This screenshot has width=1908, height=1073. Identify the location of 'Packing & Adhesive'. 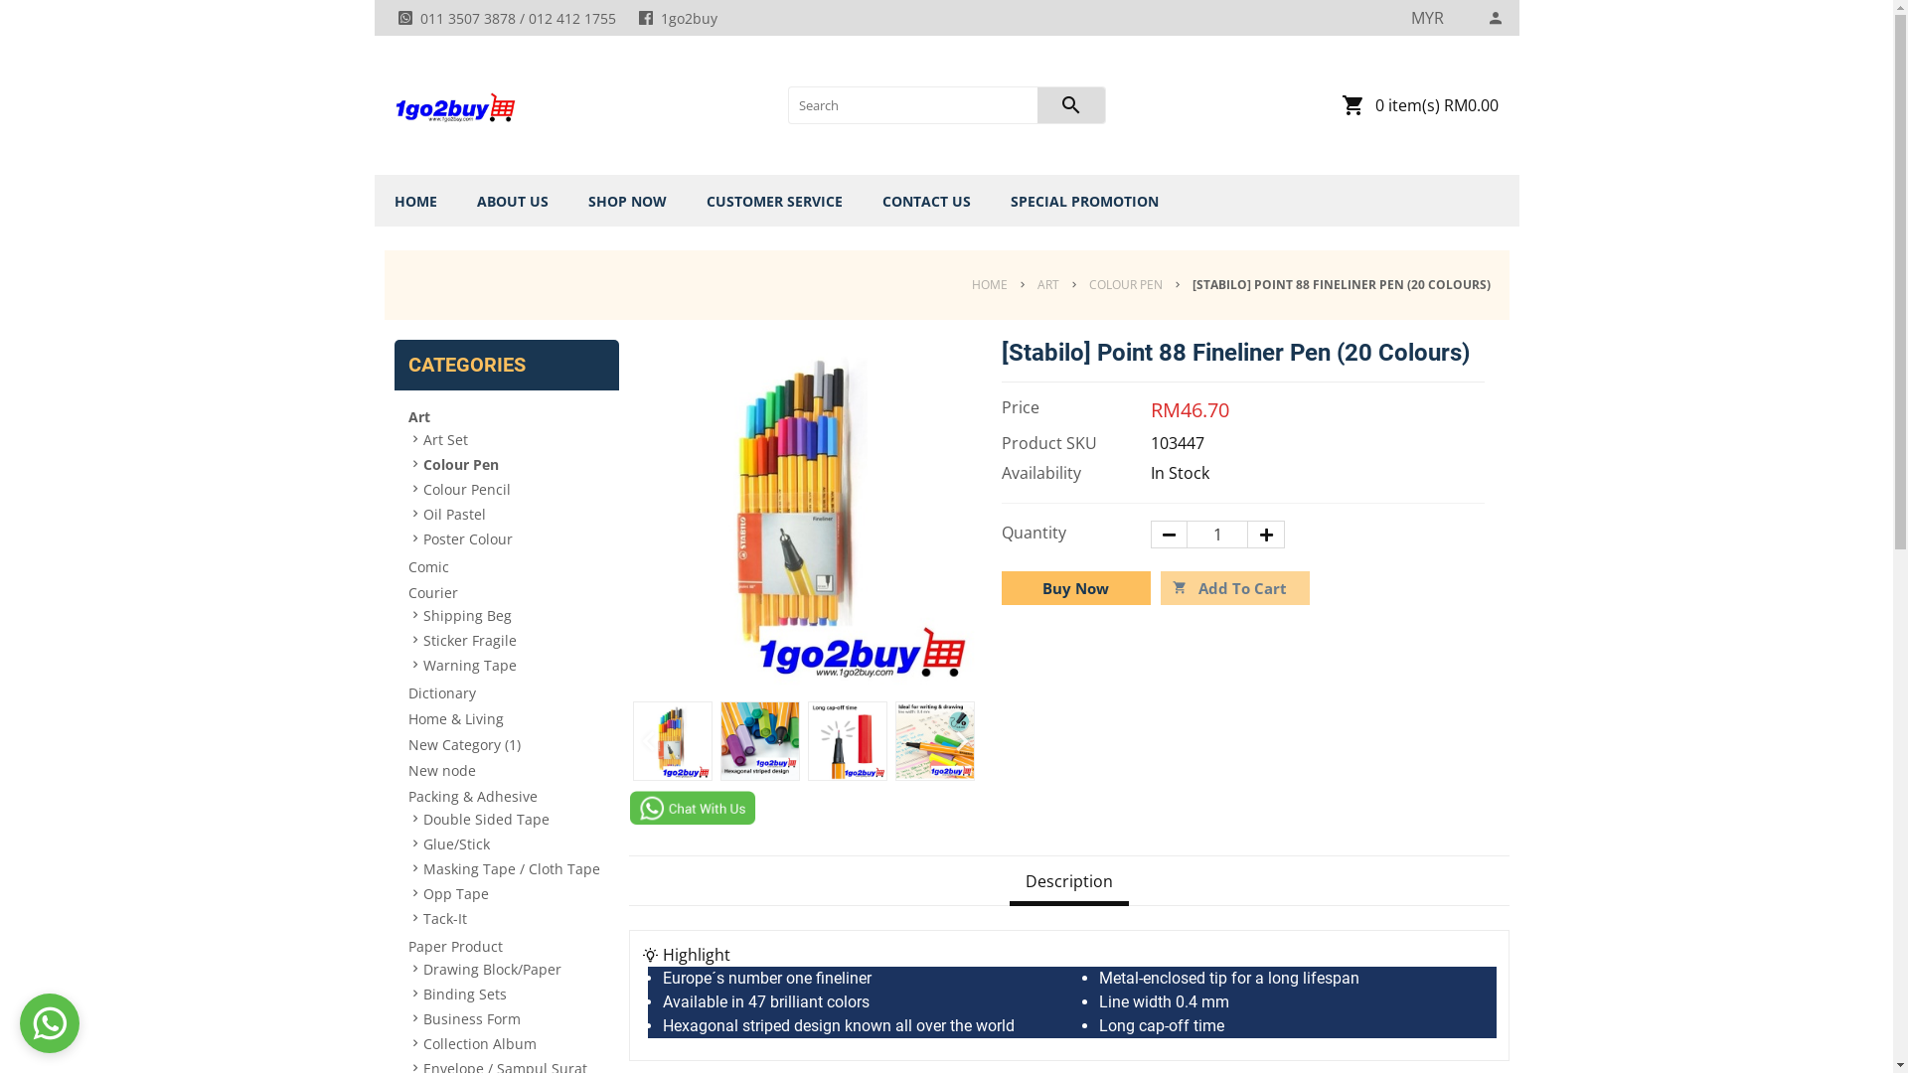
(505, 794).